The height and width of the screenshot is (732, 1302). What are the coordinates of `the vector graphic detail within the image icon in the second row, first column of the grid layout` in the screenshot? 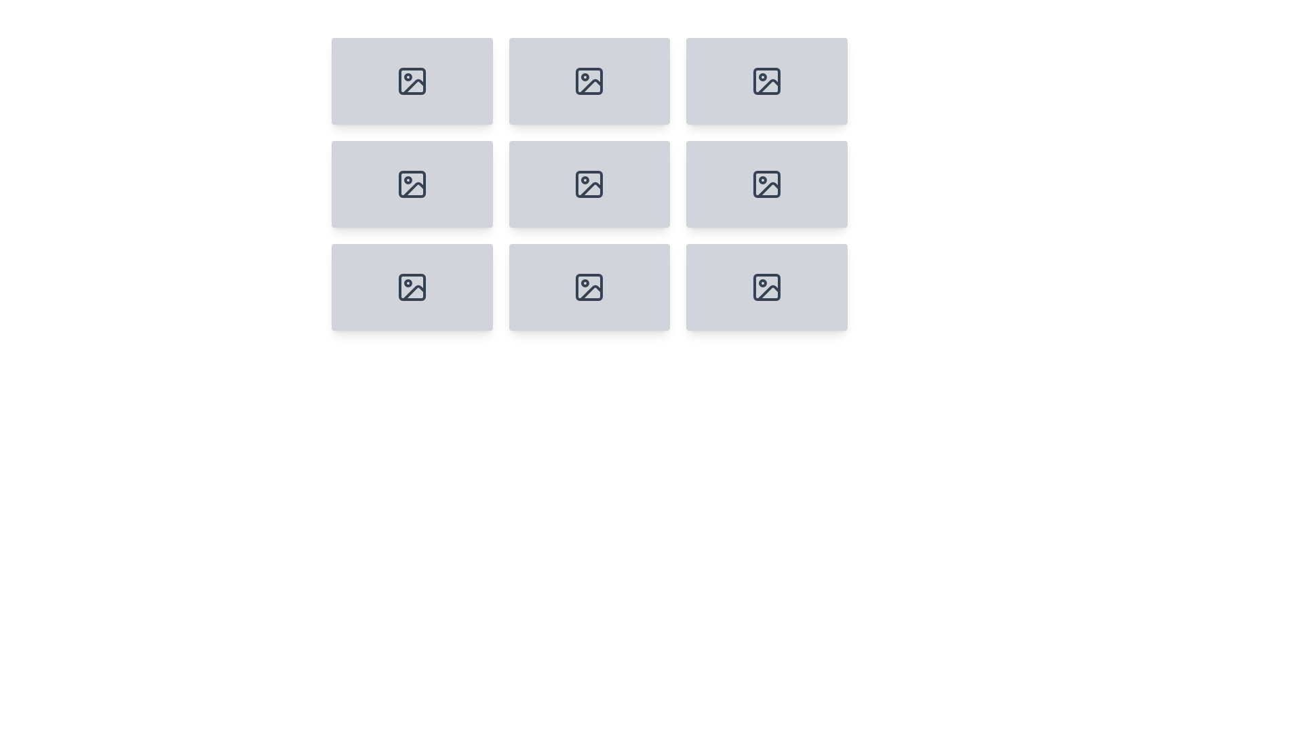 It's located at (413, 190).